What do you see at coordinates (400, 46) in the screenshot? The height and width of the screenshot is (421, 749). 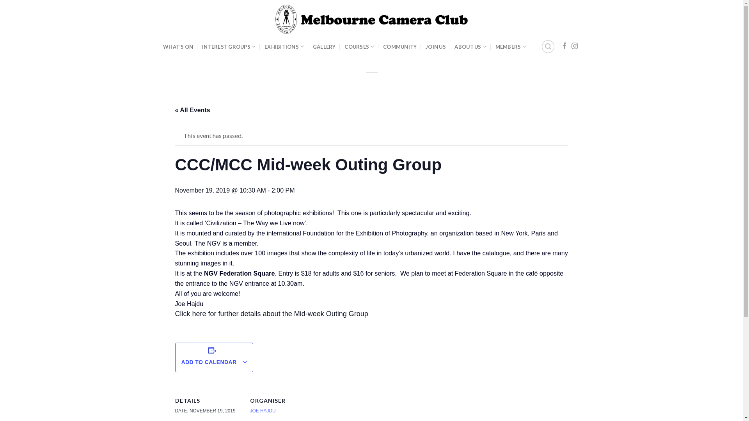 I see `'COMMUNITY'` at bounding box center [400, 46].